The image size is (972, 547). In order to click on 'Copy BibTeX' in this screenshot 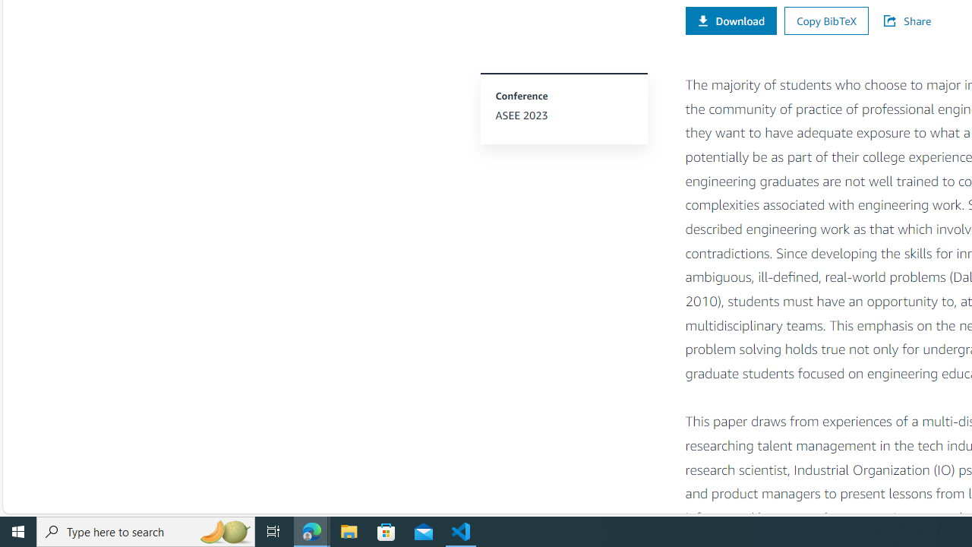, I will do `click(825, 21)`.